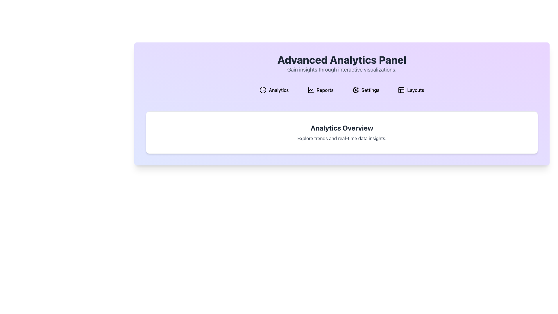 Image resolution: width=558 pixels, height=314 pixels. I want to click on the 'Analytics' button using the keyboard tab key, so click(274, 90).